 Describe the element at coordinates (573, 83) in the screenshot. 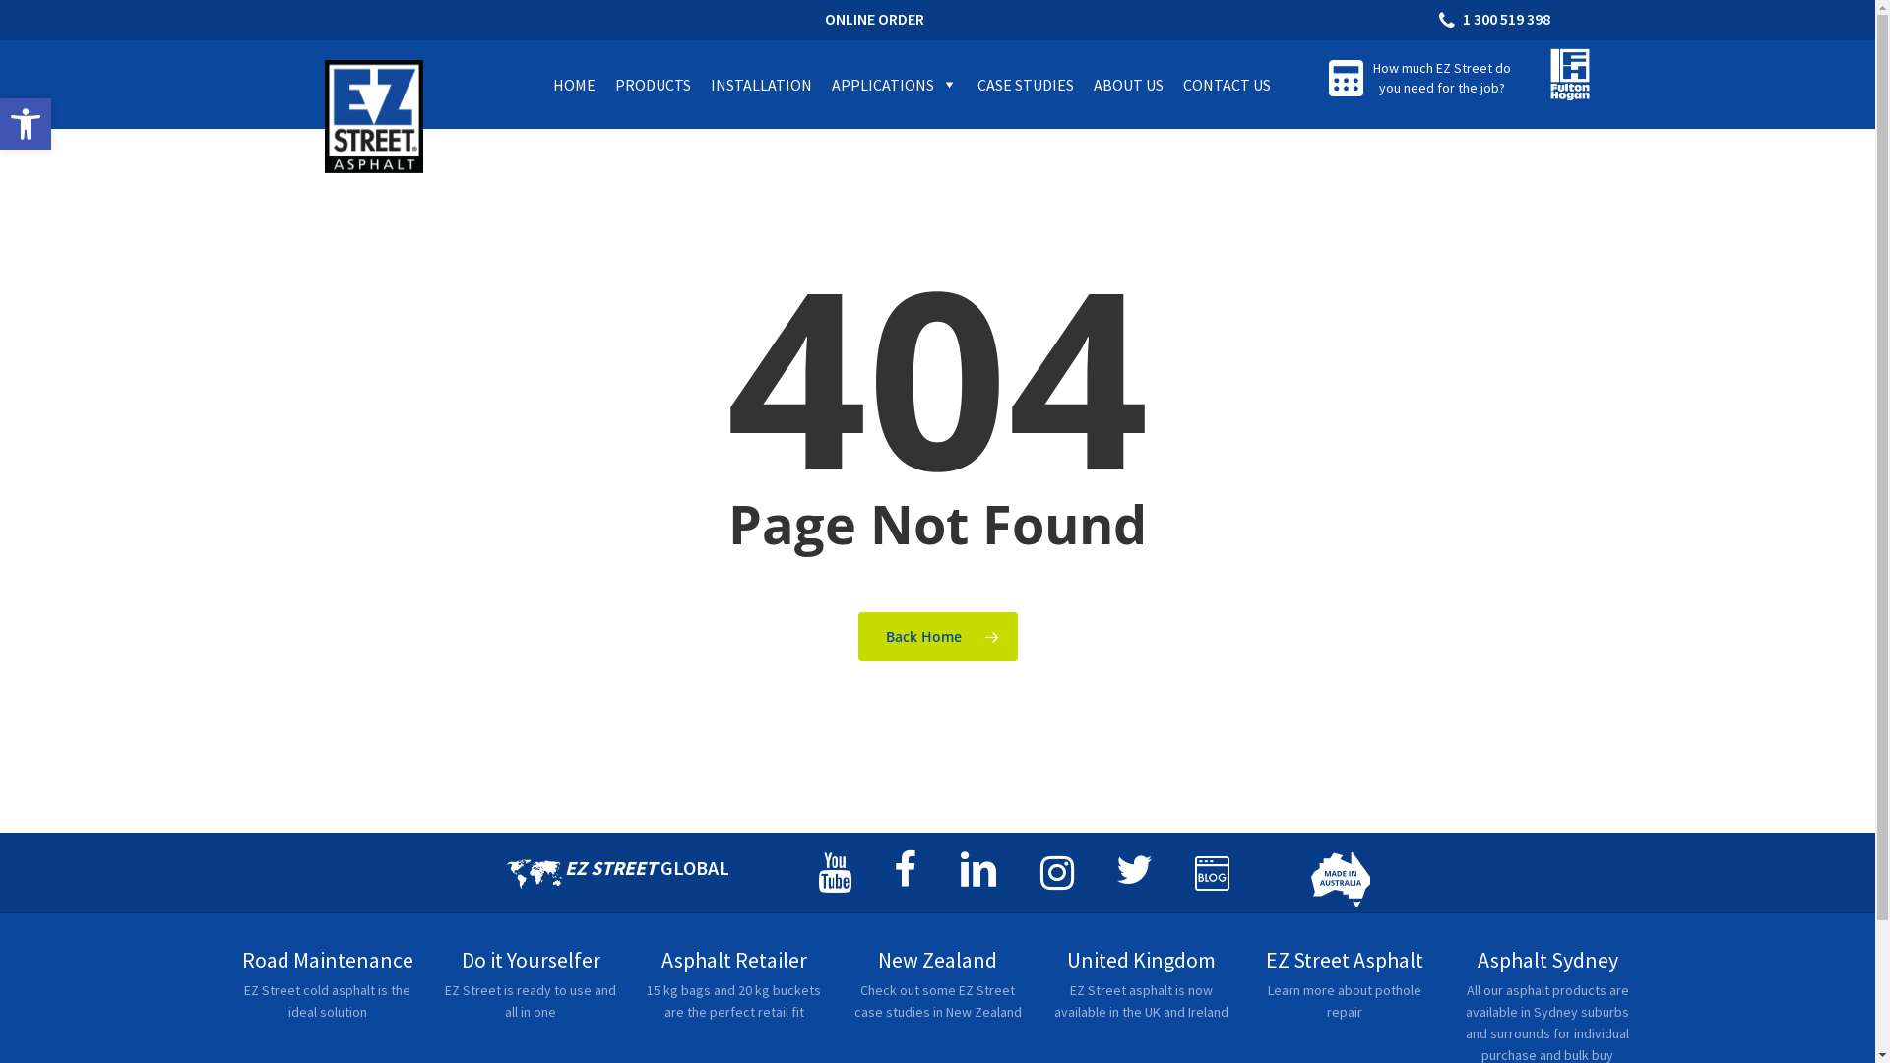

I see `'HOME'` at that location.